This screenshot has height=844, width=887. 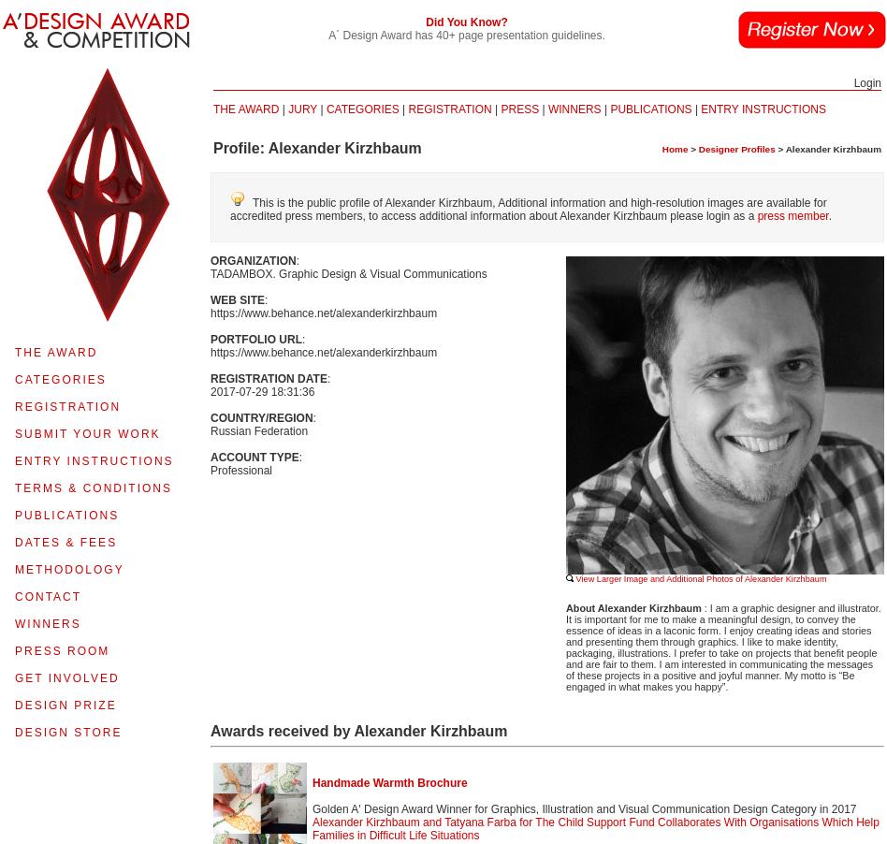 I want to click on 'DESIGN PRIZE', so click(x=65, y=704).